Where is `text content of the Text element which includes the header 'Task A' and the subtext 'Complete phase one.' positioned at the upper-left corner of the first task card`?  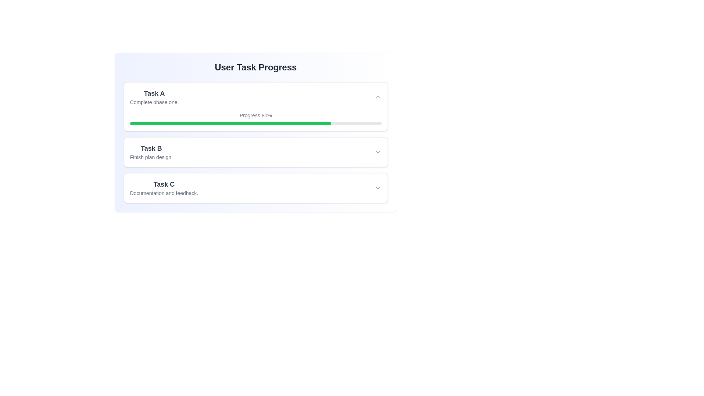
text content of the Text element which includes the header 'Task A' and the subtext 'Complete phase one.' positioned at the upper-left corner of the first task card is located at coordinates (154, 97).